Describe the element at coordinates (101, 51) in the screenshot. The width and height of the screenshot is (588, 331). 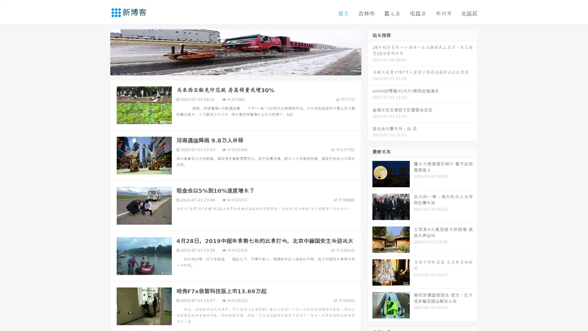
I see `Previous slide` at that location.